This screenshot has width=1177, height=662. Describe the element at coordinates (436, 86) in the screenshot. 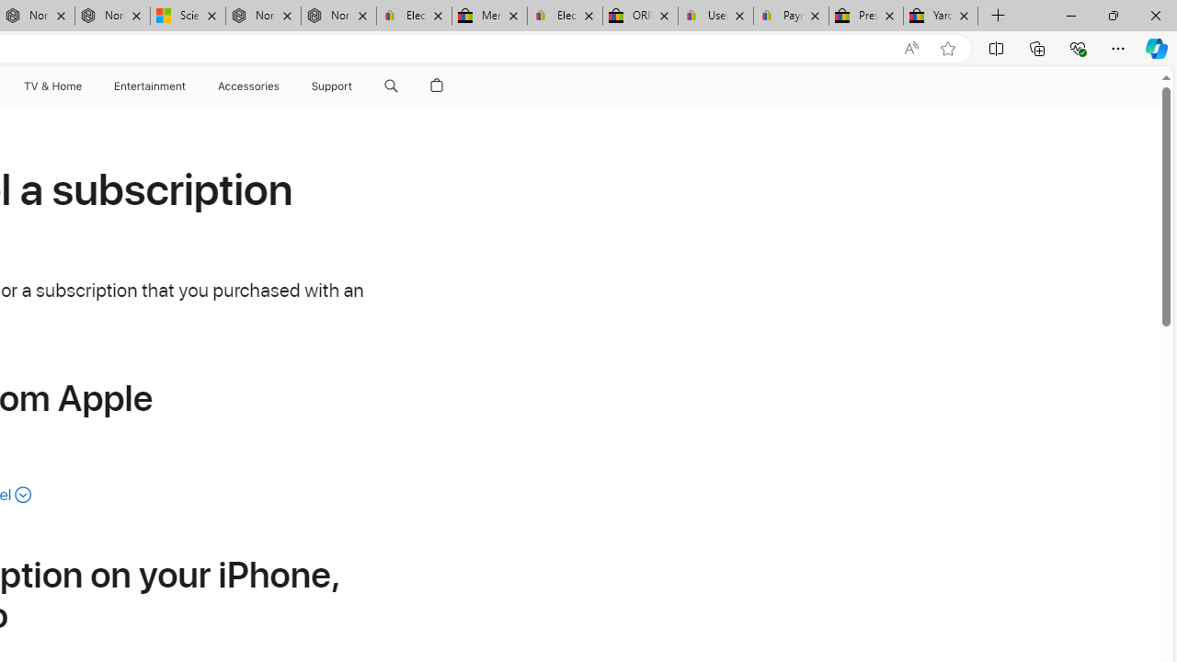

I see `'AutomationID: globalnav-bag'` at that location.